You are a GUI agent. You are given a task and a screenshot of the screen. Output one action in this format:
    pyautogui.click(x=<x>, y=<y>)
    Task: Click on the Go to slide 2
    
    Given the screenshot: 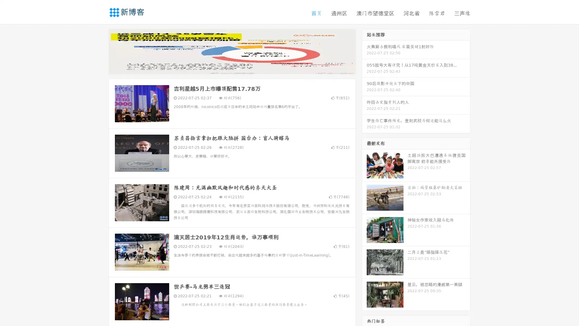 What is the action you would take?
    pyautogui.click(x=232, y=68)
    